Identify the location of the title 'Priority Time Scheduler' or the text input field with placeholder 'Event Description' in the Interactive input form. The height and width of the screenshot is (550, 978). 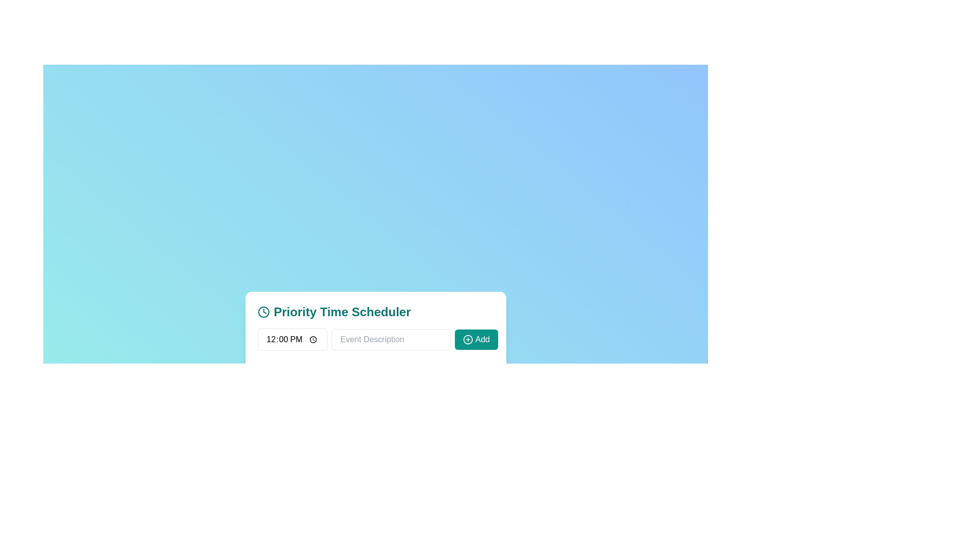
(375, 340).